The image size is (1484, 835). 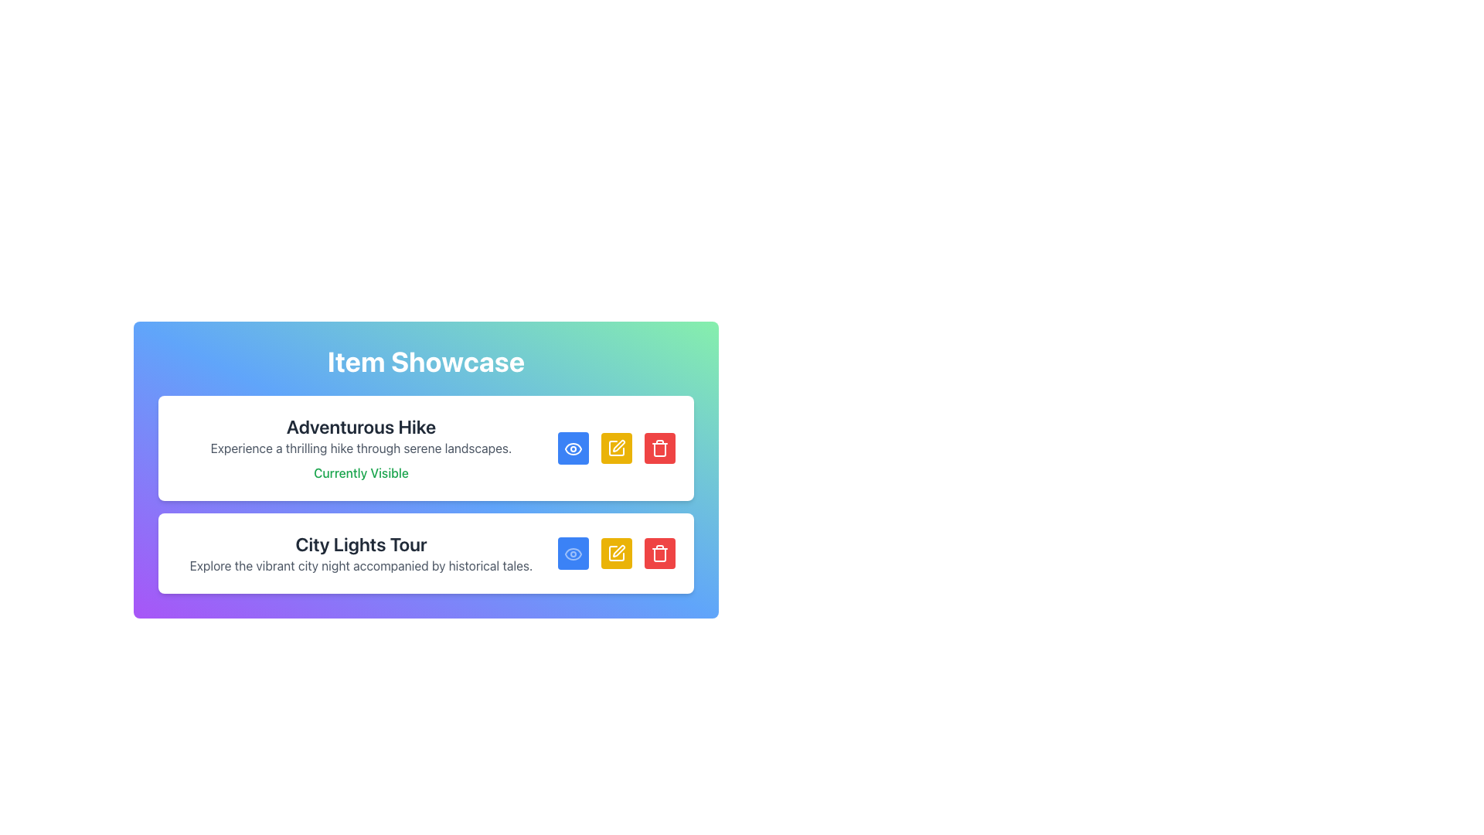 I want to click on the circular eye icon button, outlined in bold blue color, located on the right side of the top card in the item showcase interface, so click(x=573, y=448).